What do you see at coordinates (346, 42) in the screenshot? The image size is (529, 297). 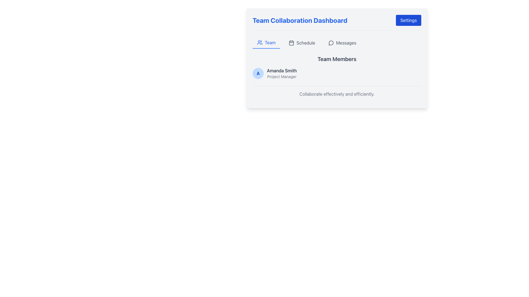 I see `the third text label in the top navigation section` at bounding box center [346, 42].